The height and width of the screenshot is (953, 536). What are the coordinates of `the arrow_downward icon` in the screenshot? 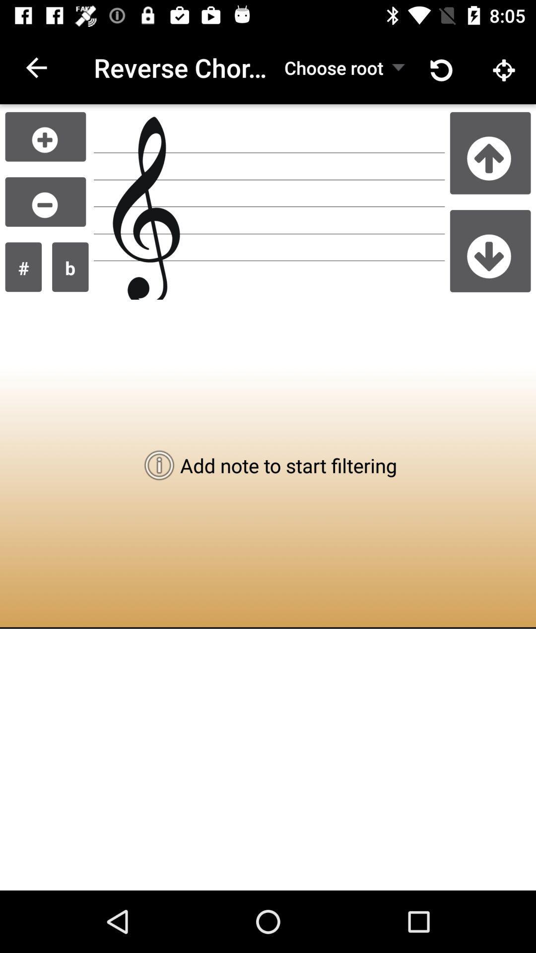 It's located at (490, 251).